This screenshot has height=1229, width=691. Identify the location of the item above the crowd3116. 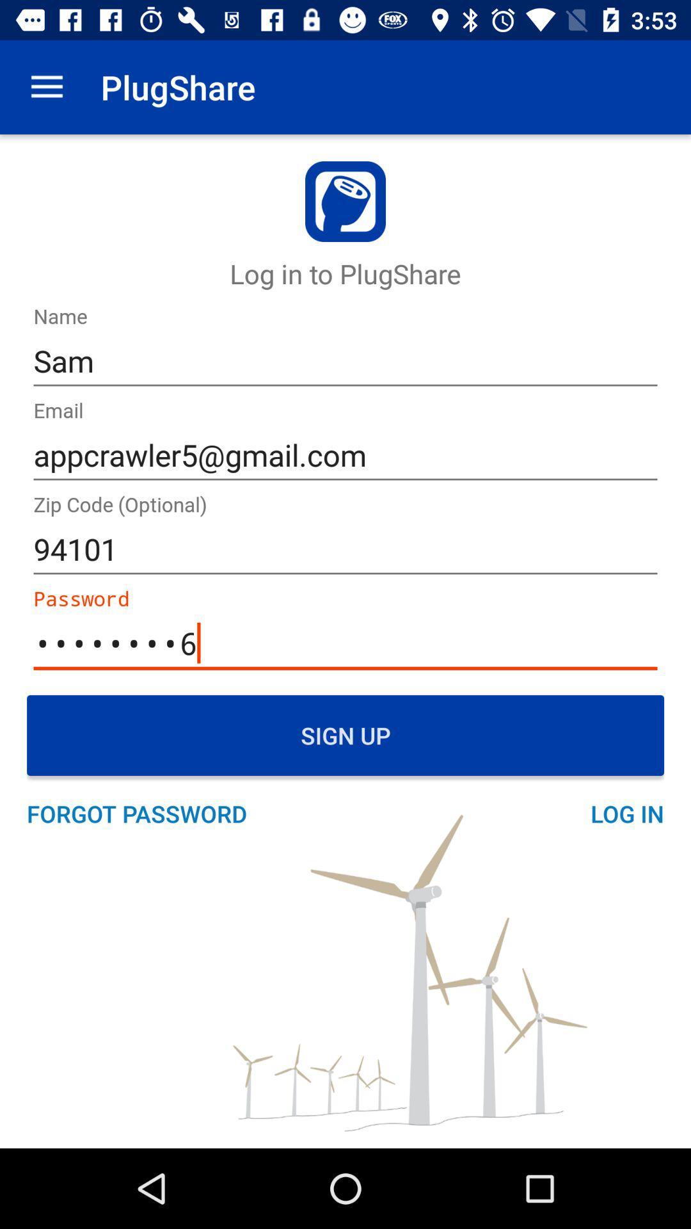
(345, 549).